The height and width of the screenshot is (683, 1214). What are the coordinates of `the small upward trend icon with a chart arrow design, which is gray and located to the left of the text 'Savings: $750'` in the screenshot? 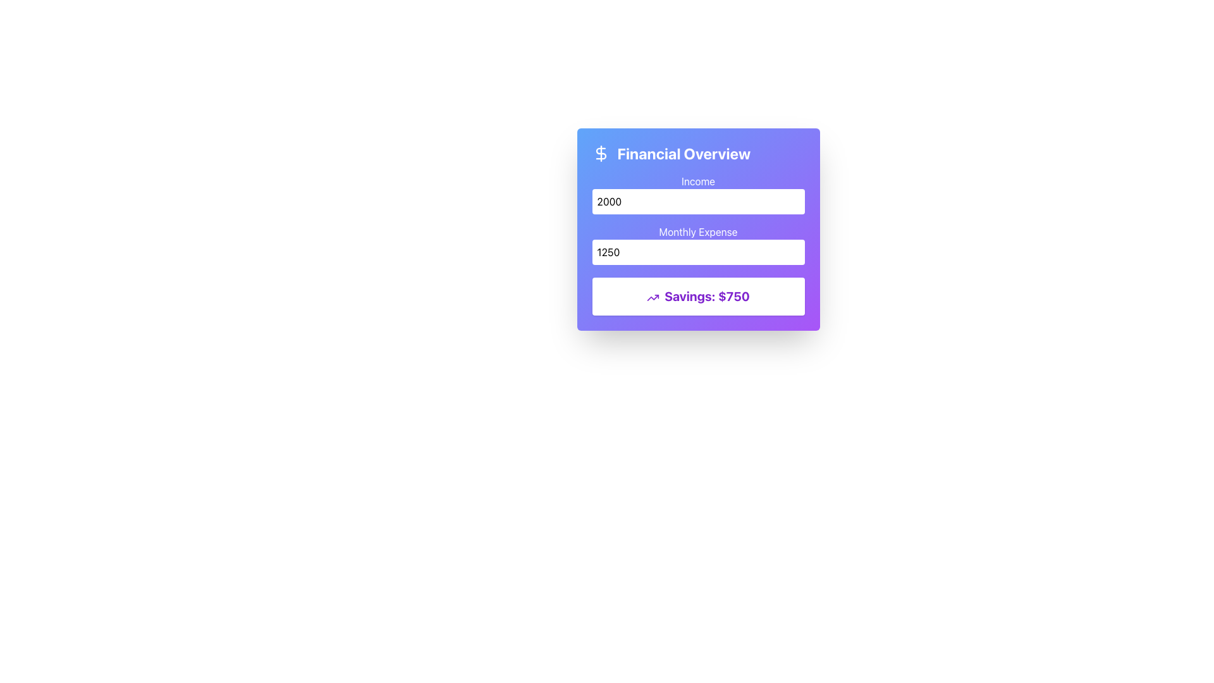 It's located at (653, 297).